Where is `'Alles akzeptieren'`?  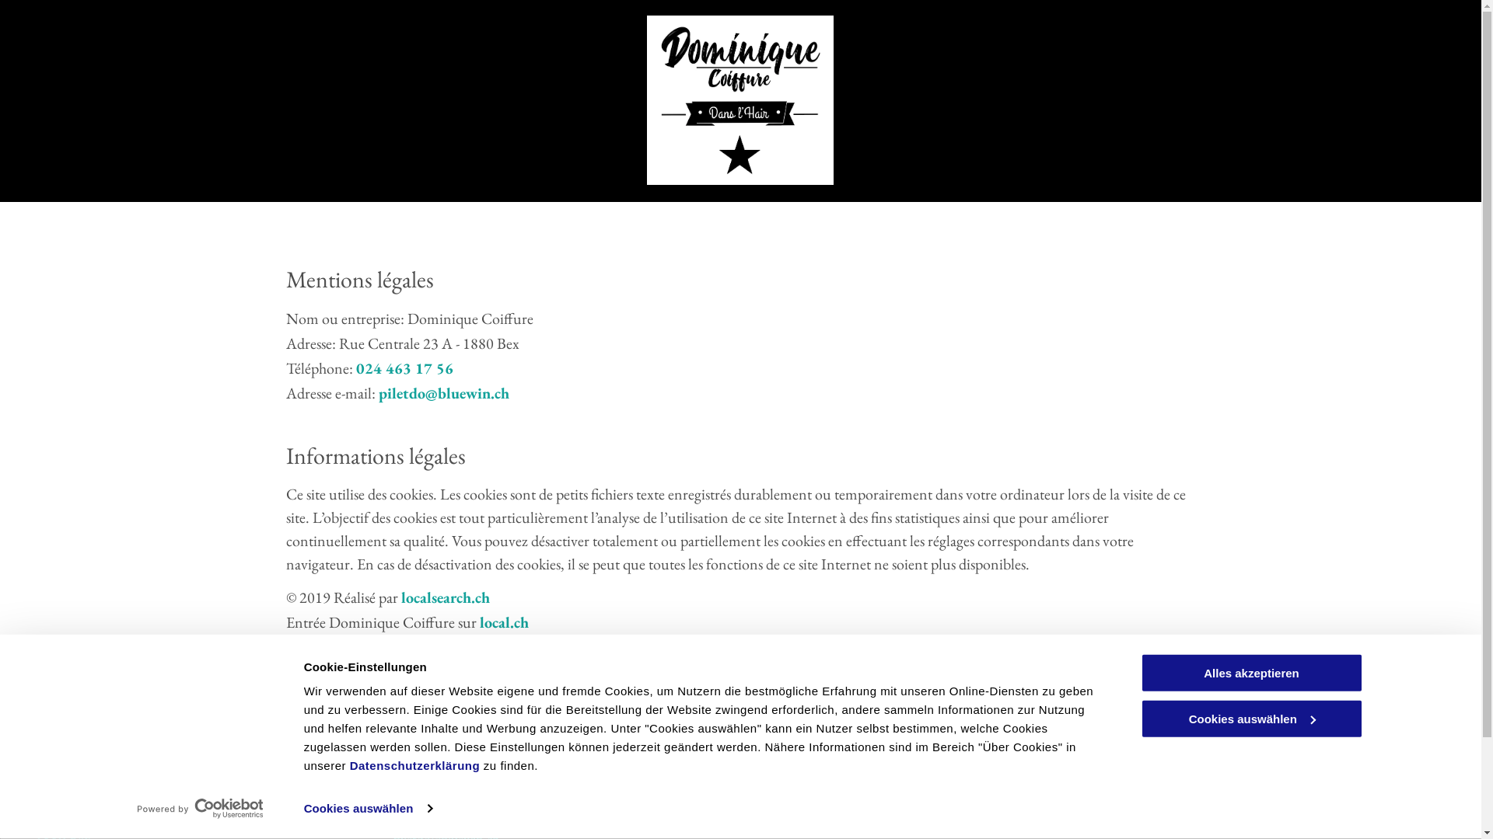 'Alles akzeptieren' is located at coordinates (1250, 672).